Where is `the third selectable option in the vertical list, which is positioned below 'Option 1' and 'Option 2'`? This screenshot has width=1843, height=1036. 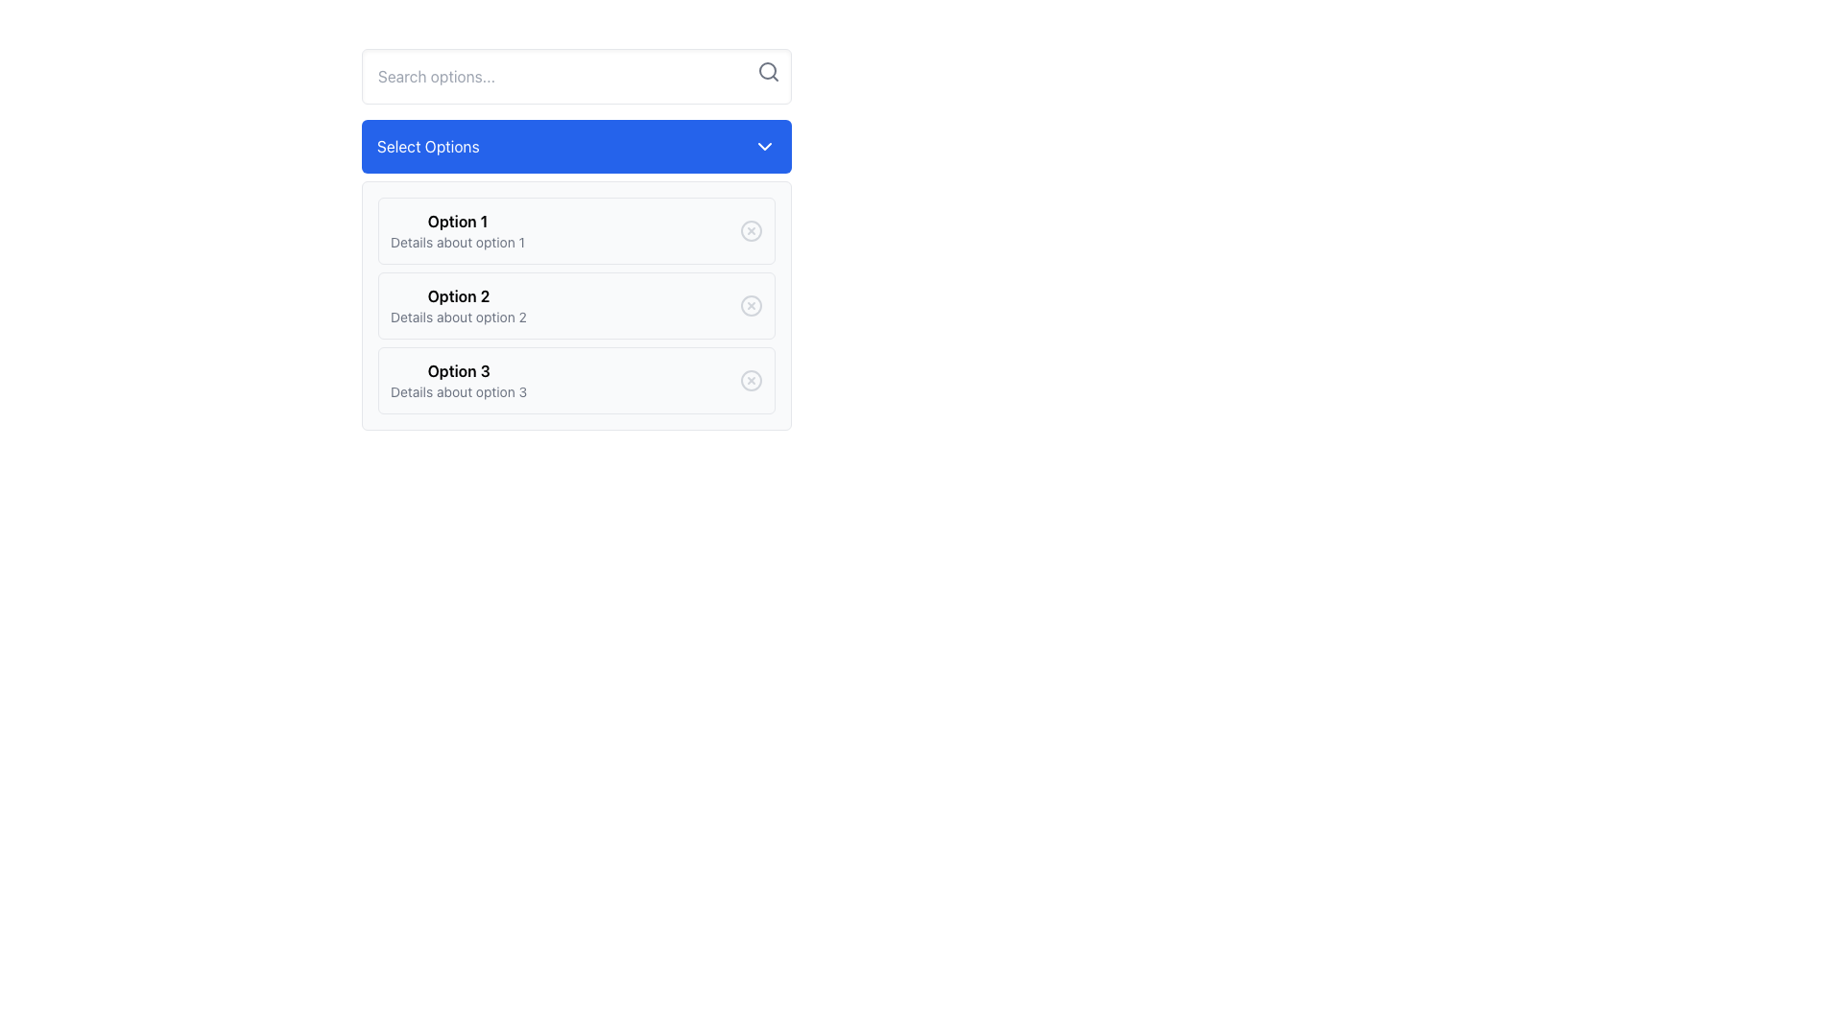
the third selectable option in the vertical list, which is positioned below 'Option 1' and 'Option 2' is located at coordinates (458, 381).